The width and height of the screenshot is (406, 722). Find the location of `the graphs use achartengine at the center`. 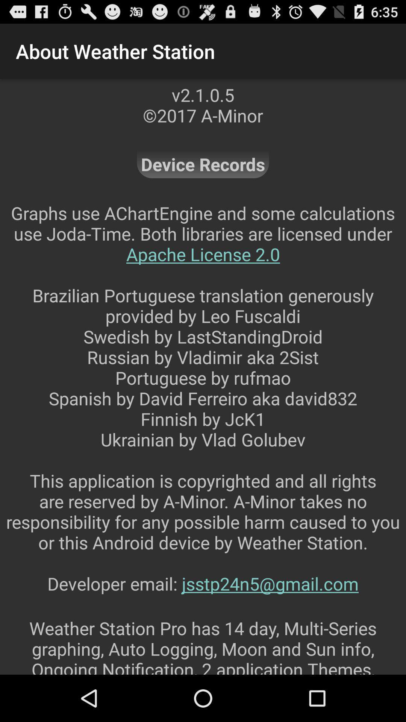

the graphs use achartengine at the center is located at coordinates (203, 408).